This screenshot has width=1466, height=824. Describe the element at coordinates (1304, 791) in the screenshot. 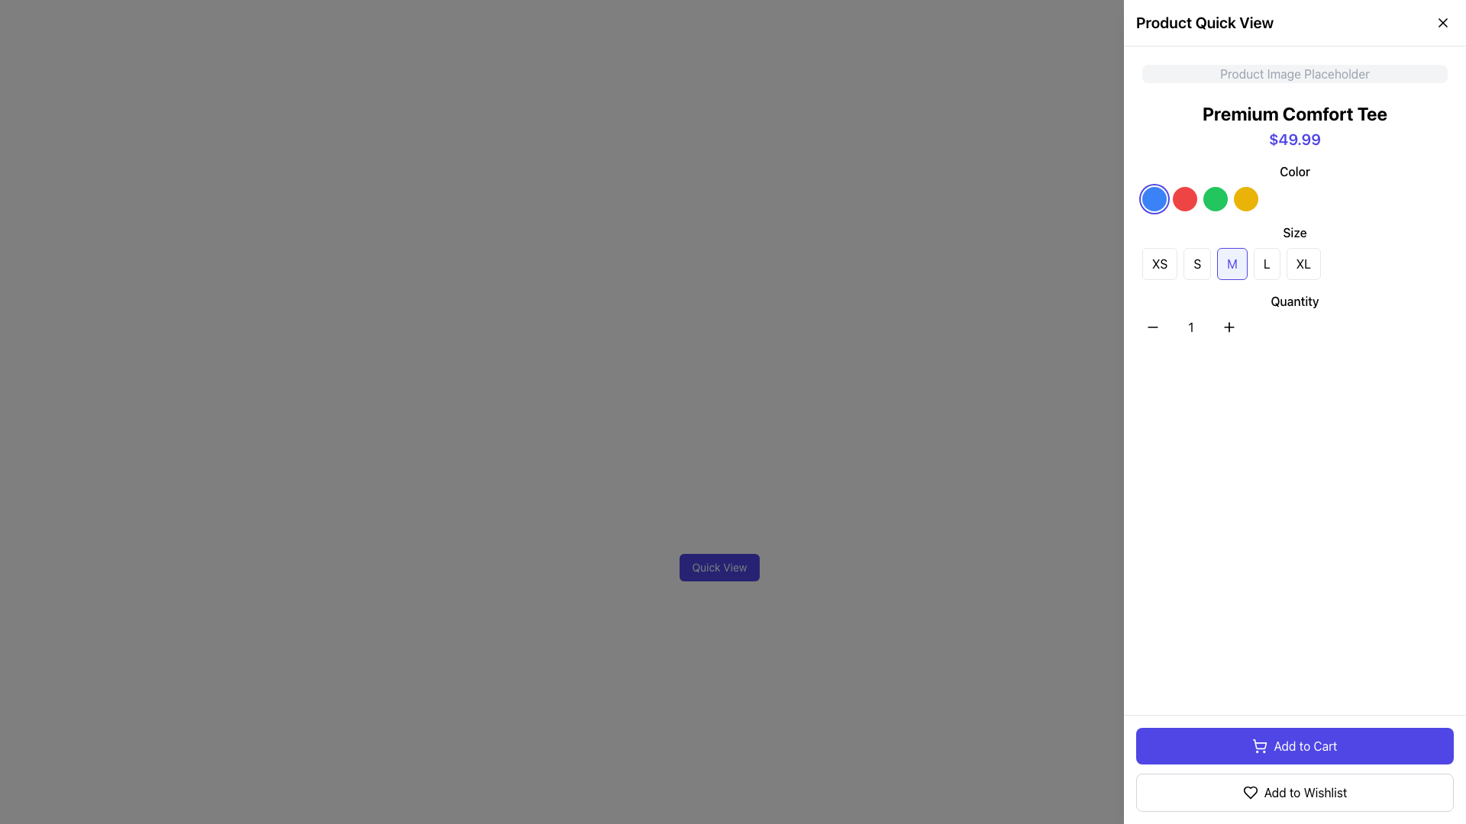

I see `the 'Add to Wishlist' text label, which is styled in standard black sans-serif font and located on a white rectangular button at the bottom of the product view panel` at that location.